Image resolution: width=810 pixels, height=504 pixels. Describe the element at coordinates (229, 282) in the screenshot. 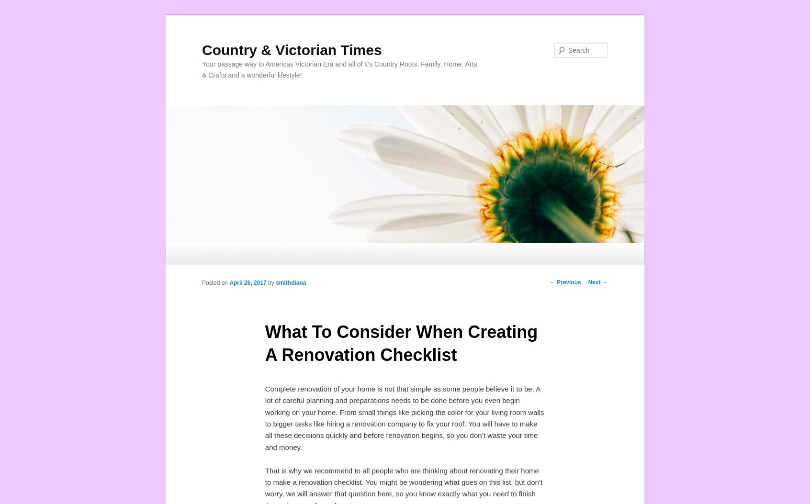

I see `'April 26, 2017'` at that location.